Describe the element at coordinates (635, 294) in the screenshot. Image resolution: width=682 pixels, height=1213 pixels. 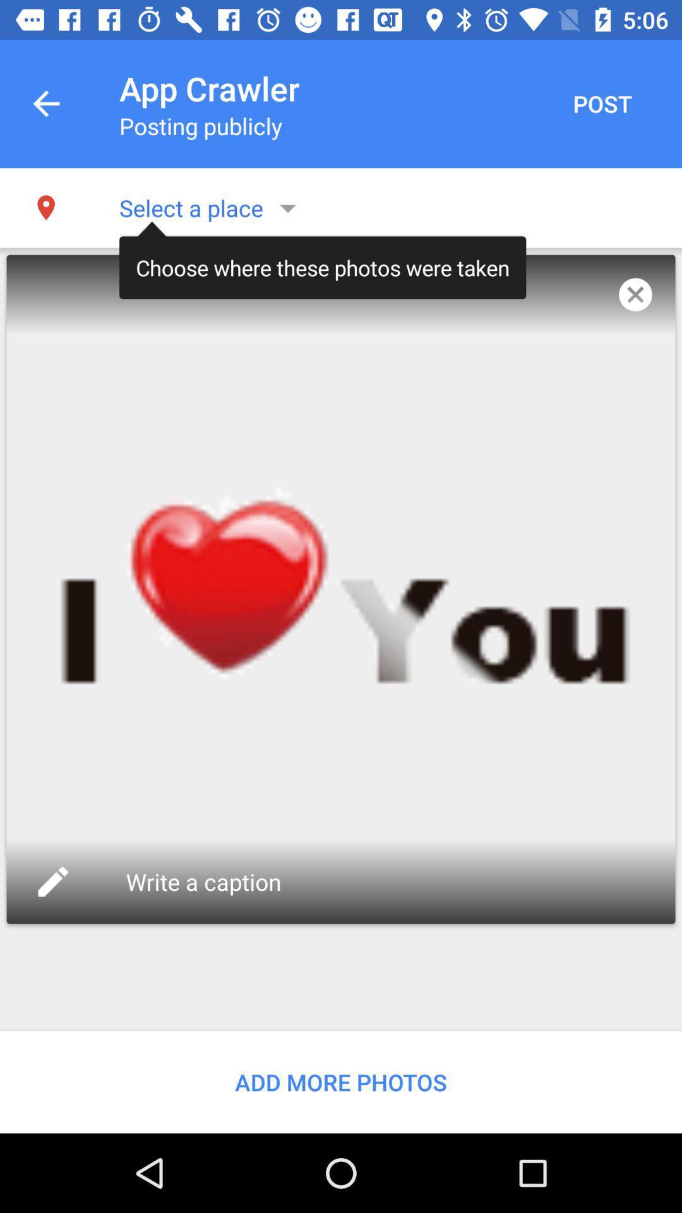
I see `the app to the right of choose where these item` at that location.